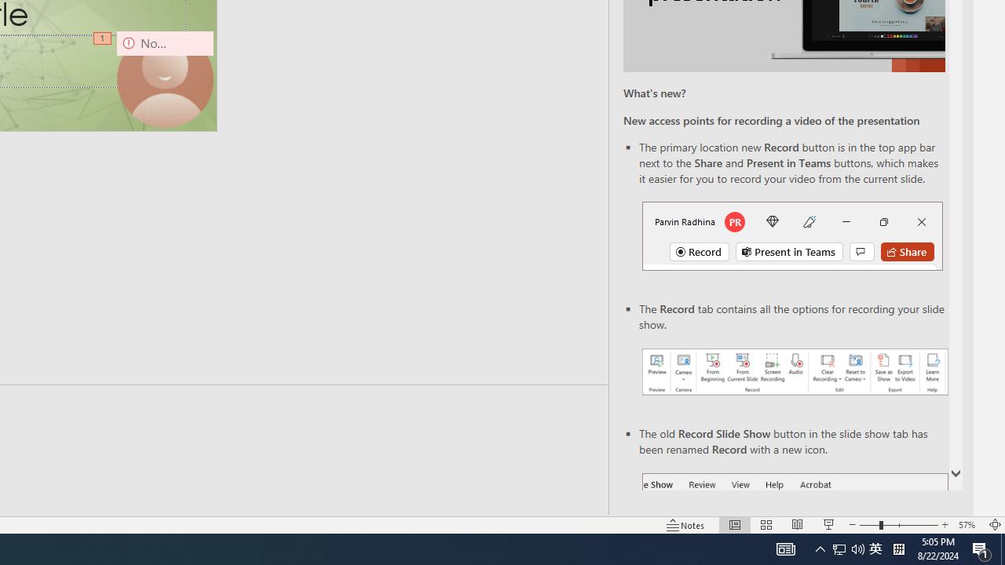  What do you see at coordinates (795, 372) in the screenshot?
I see `'Record your presentations screenshot one'` at bounding box center [795, 372].